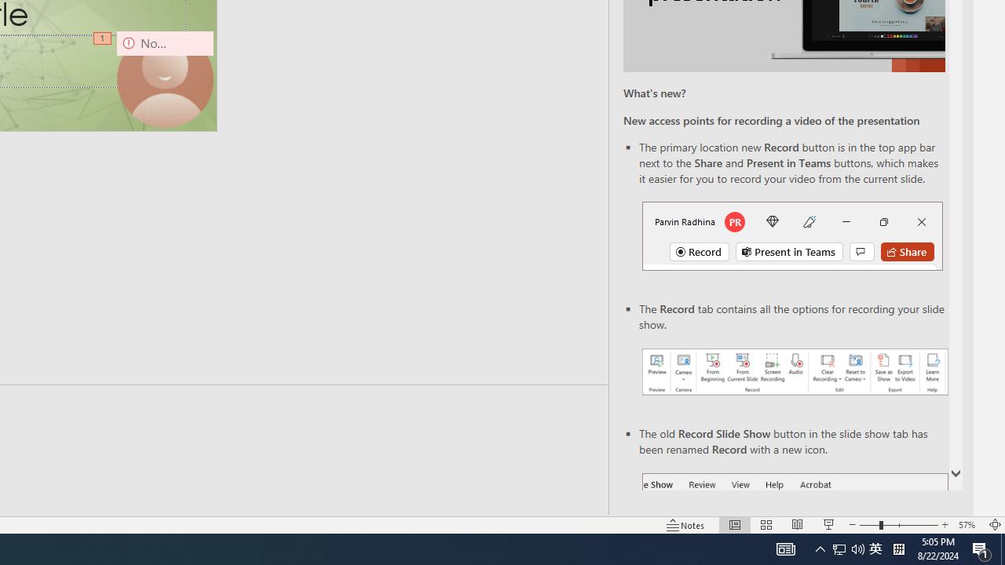  What do you see at coordinates (795, 372) in the screenshot?
I see `'Record your presentations screenshot one'` at bounding box center [795, 372].